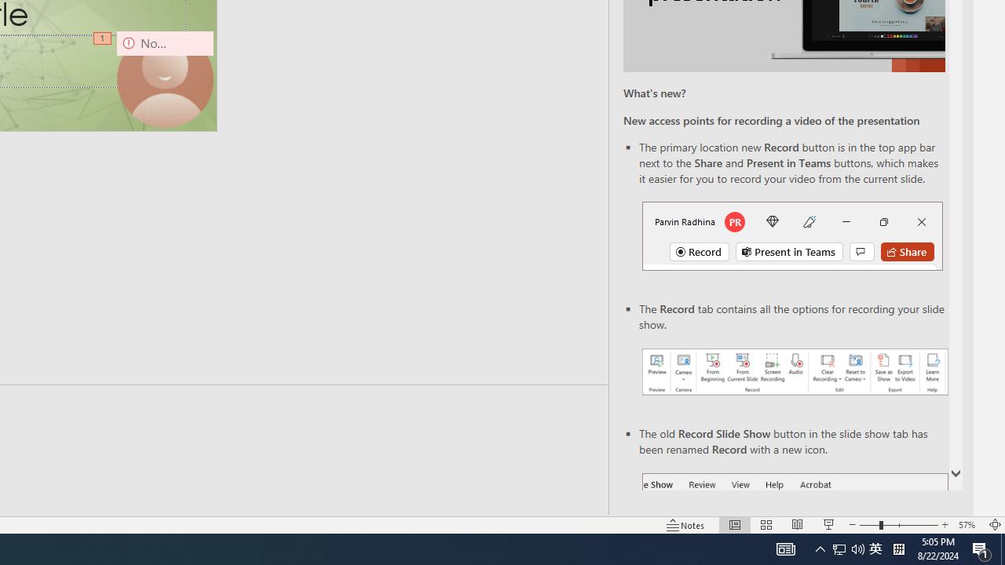  What do you see at coordinates (795, 372) in the screenshot?
I see `'Record your presentations screenshot one'` at bounding box center [795, 372].